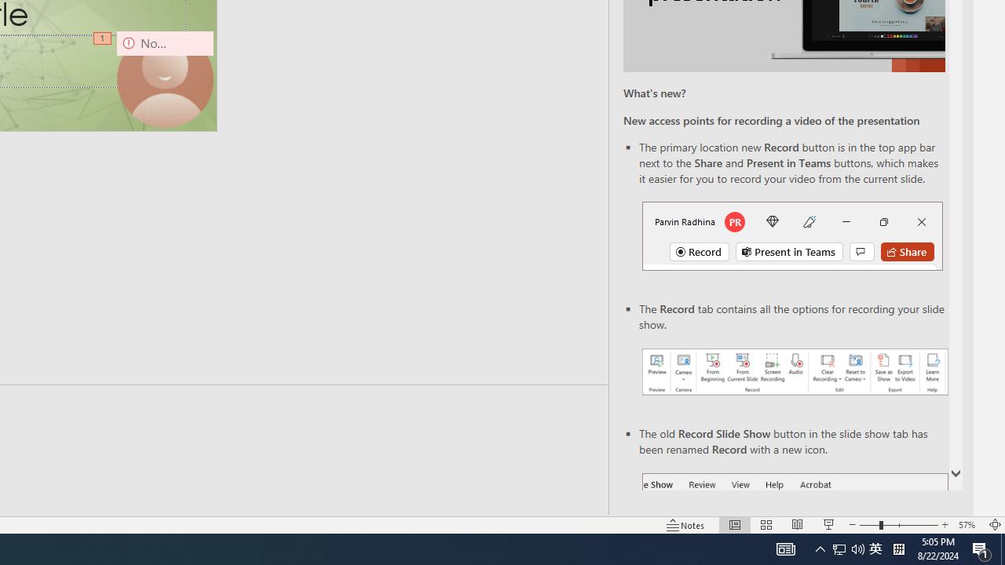  What do you see at coordinates (795, 372) in the screenshot?
I see `'Record your presentations screenshot one'` at bounding box center [795, 372].